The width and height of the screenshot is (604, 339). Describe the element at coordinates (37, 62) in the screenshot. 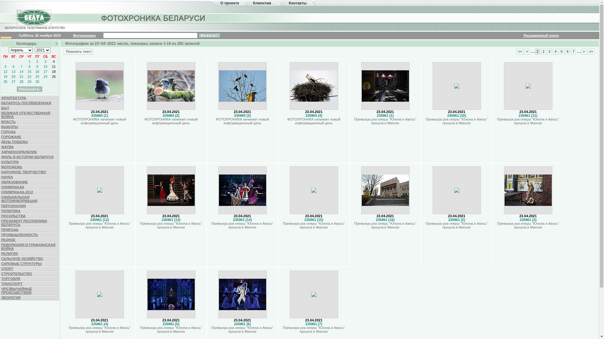

I see `'2'` at that location.